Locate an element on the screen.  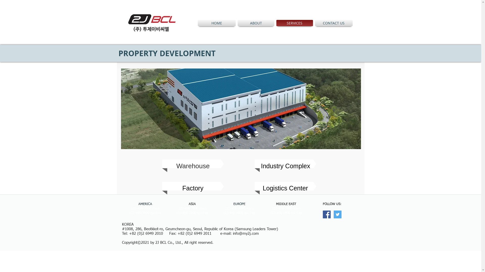
'info@my2j.com' is located at coordinates (246, 233).